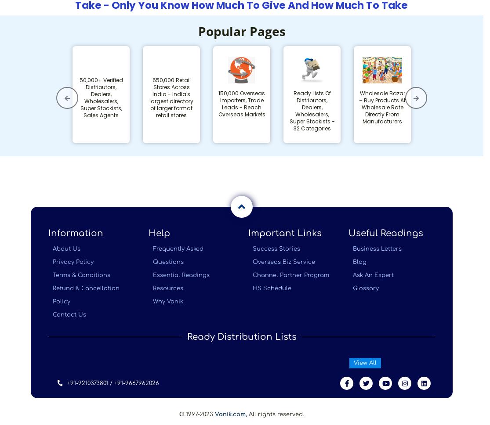  What do you see at coordinates (171, 97) in the screenshot?
I see `'650,000 Retail Stores Across India - India's largest directory of larger format retail stores'` at bounding box center [171, 97].